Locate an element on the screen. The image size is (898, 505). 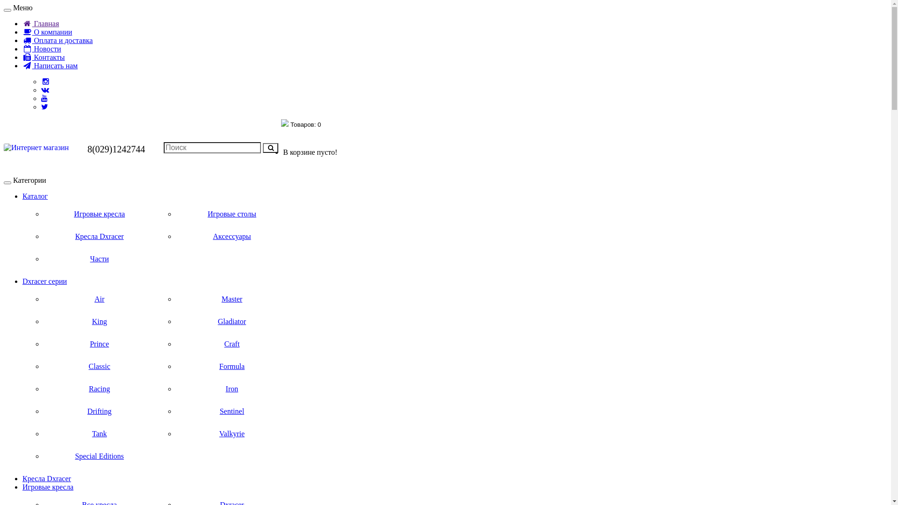
' - twitter' is located at coordinates (44, 106).